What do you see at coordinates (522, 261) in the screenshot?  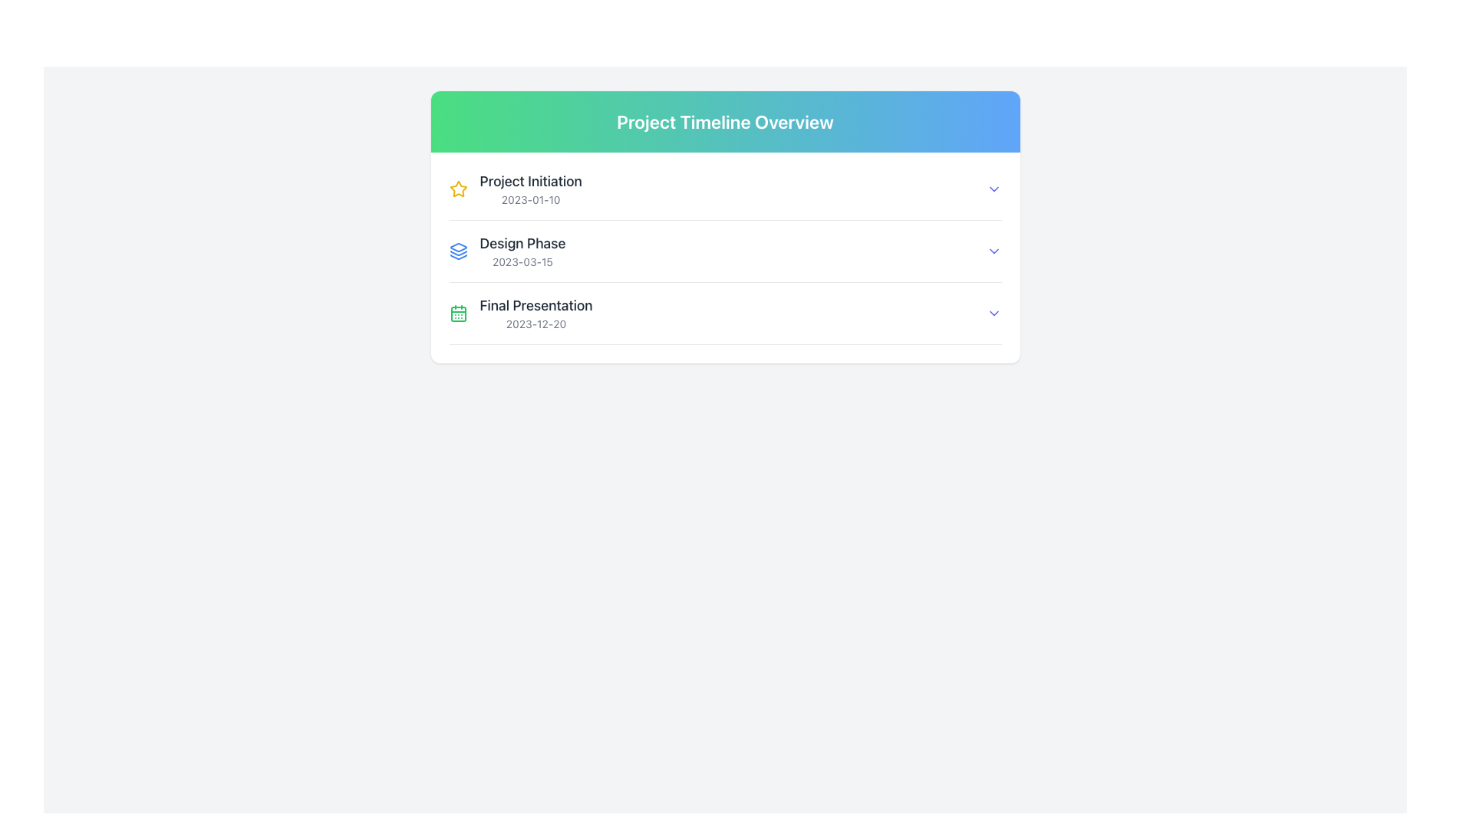 I see `the Text label that represents the date associated with the 'Design Phase' project milestone, which is positioned below the 'Design Phase' text in the vertical timeline` at bounding box center [522, 261].